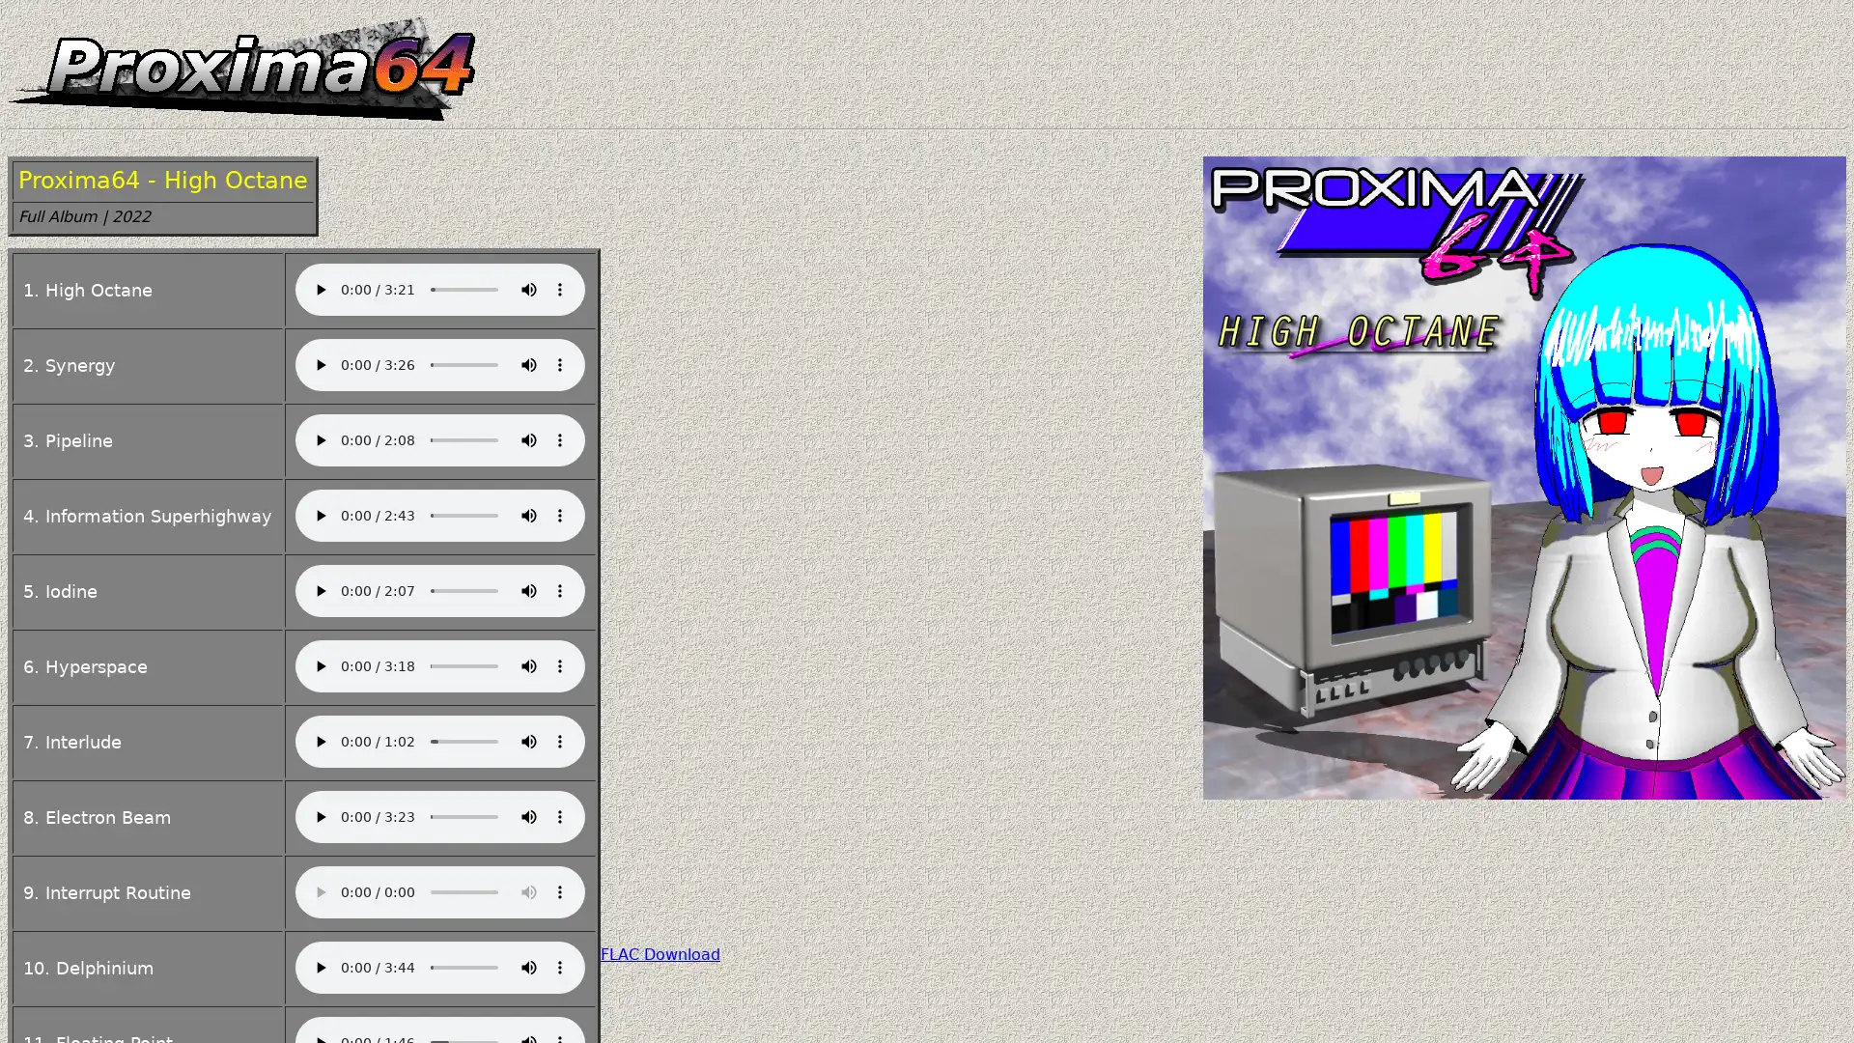 The width and height of the screenshot is (1854, 1043). Describe the element at coordinates (528, 439) in the screenshot. I see `mute` at that location.